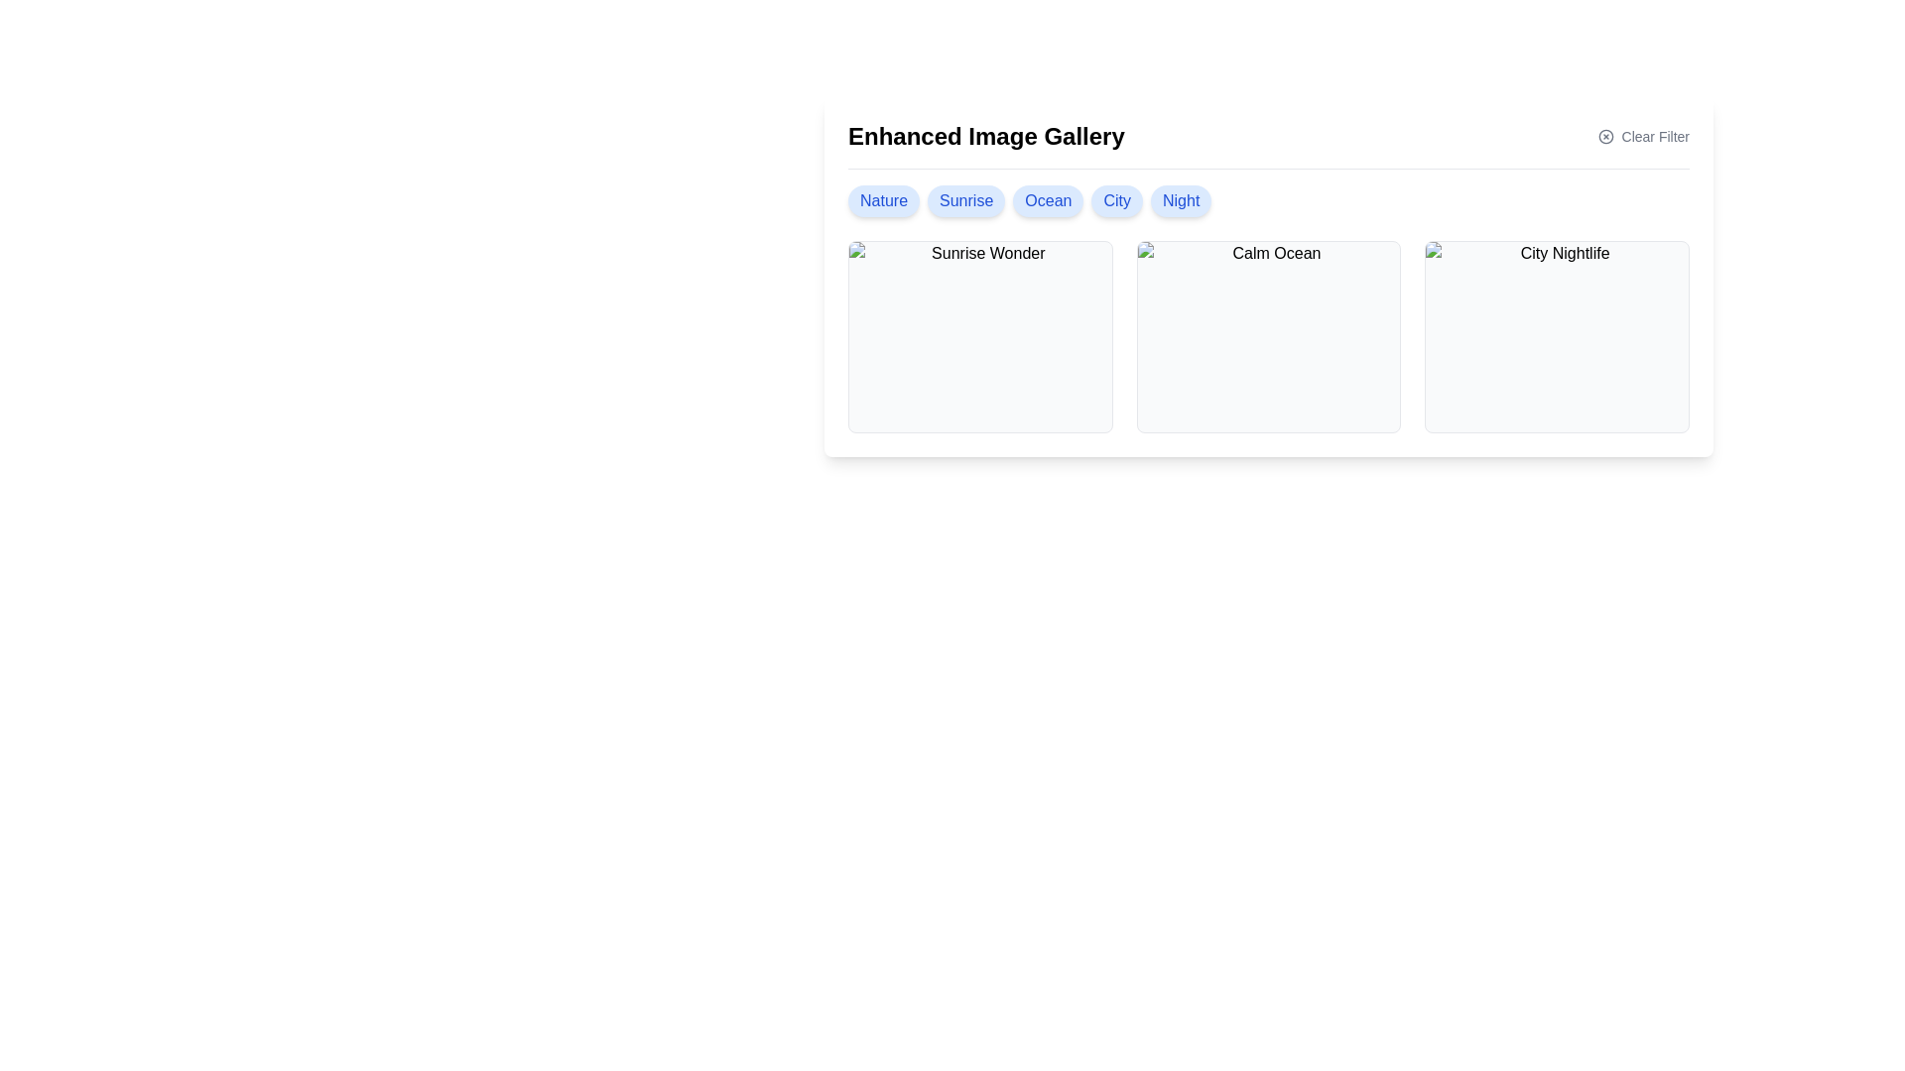 This screenshot has width=1905, height=1071. I want to click on the icon button located to the left of the 'Clear Filter' text to reset filters or selections, so click(1605, 136).